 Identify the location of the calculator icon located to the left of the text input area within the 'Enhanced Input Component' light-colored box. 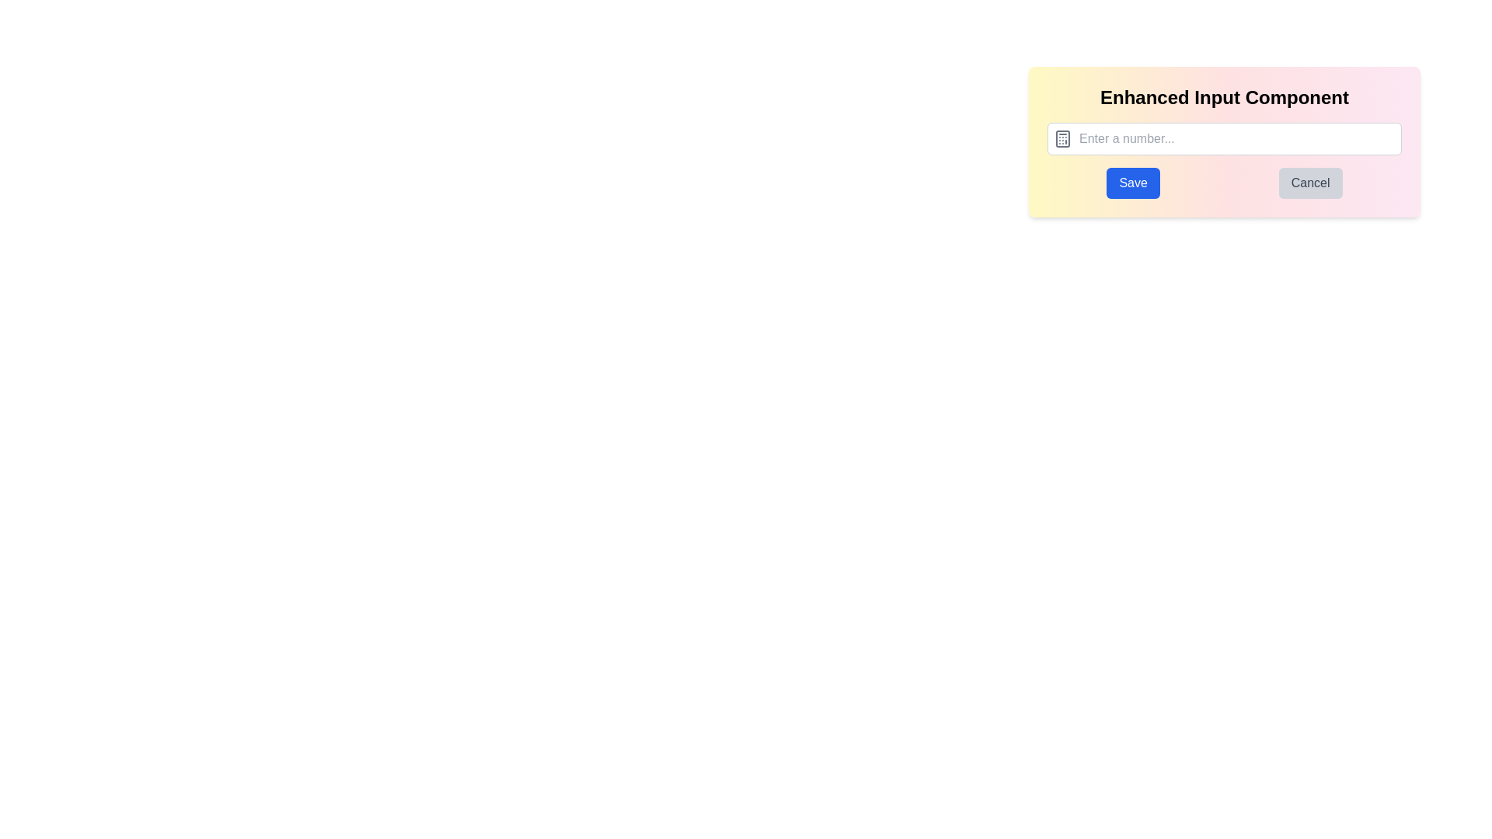
(1062, 138).